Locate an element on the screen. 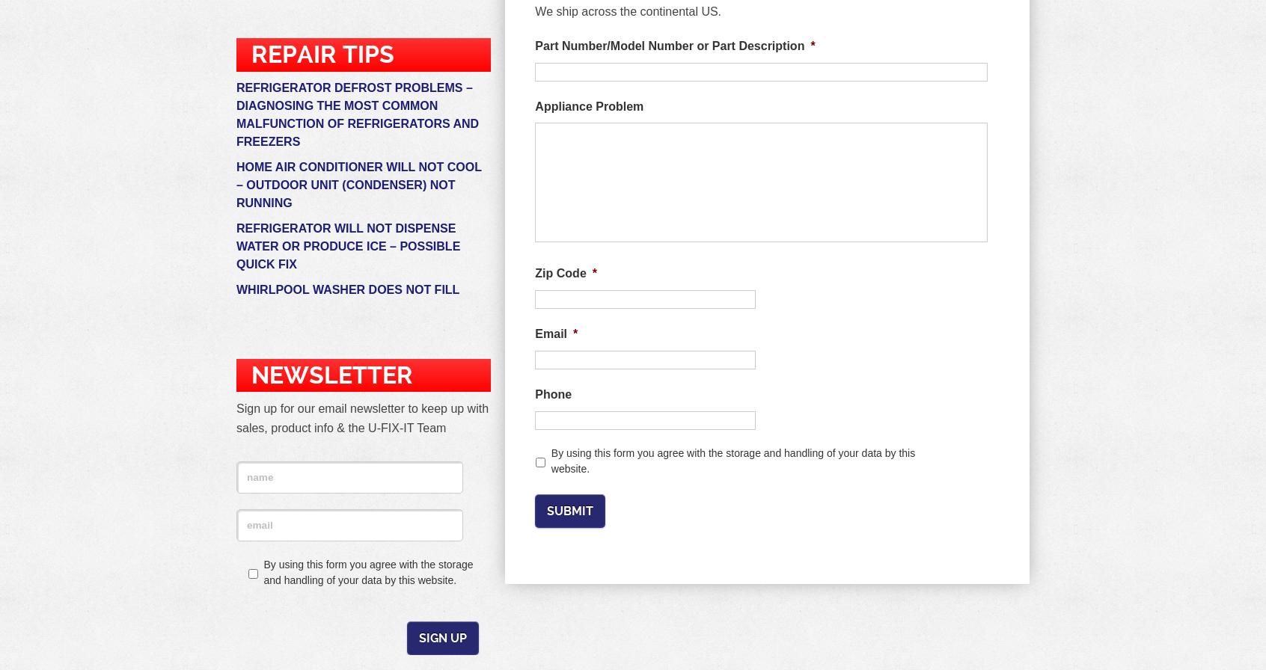 The height and width of the screenshot is (670, 1266). 'Phone' is located at coordinates (552, 394).